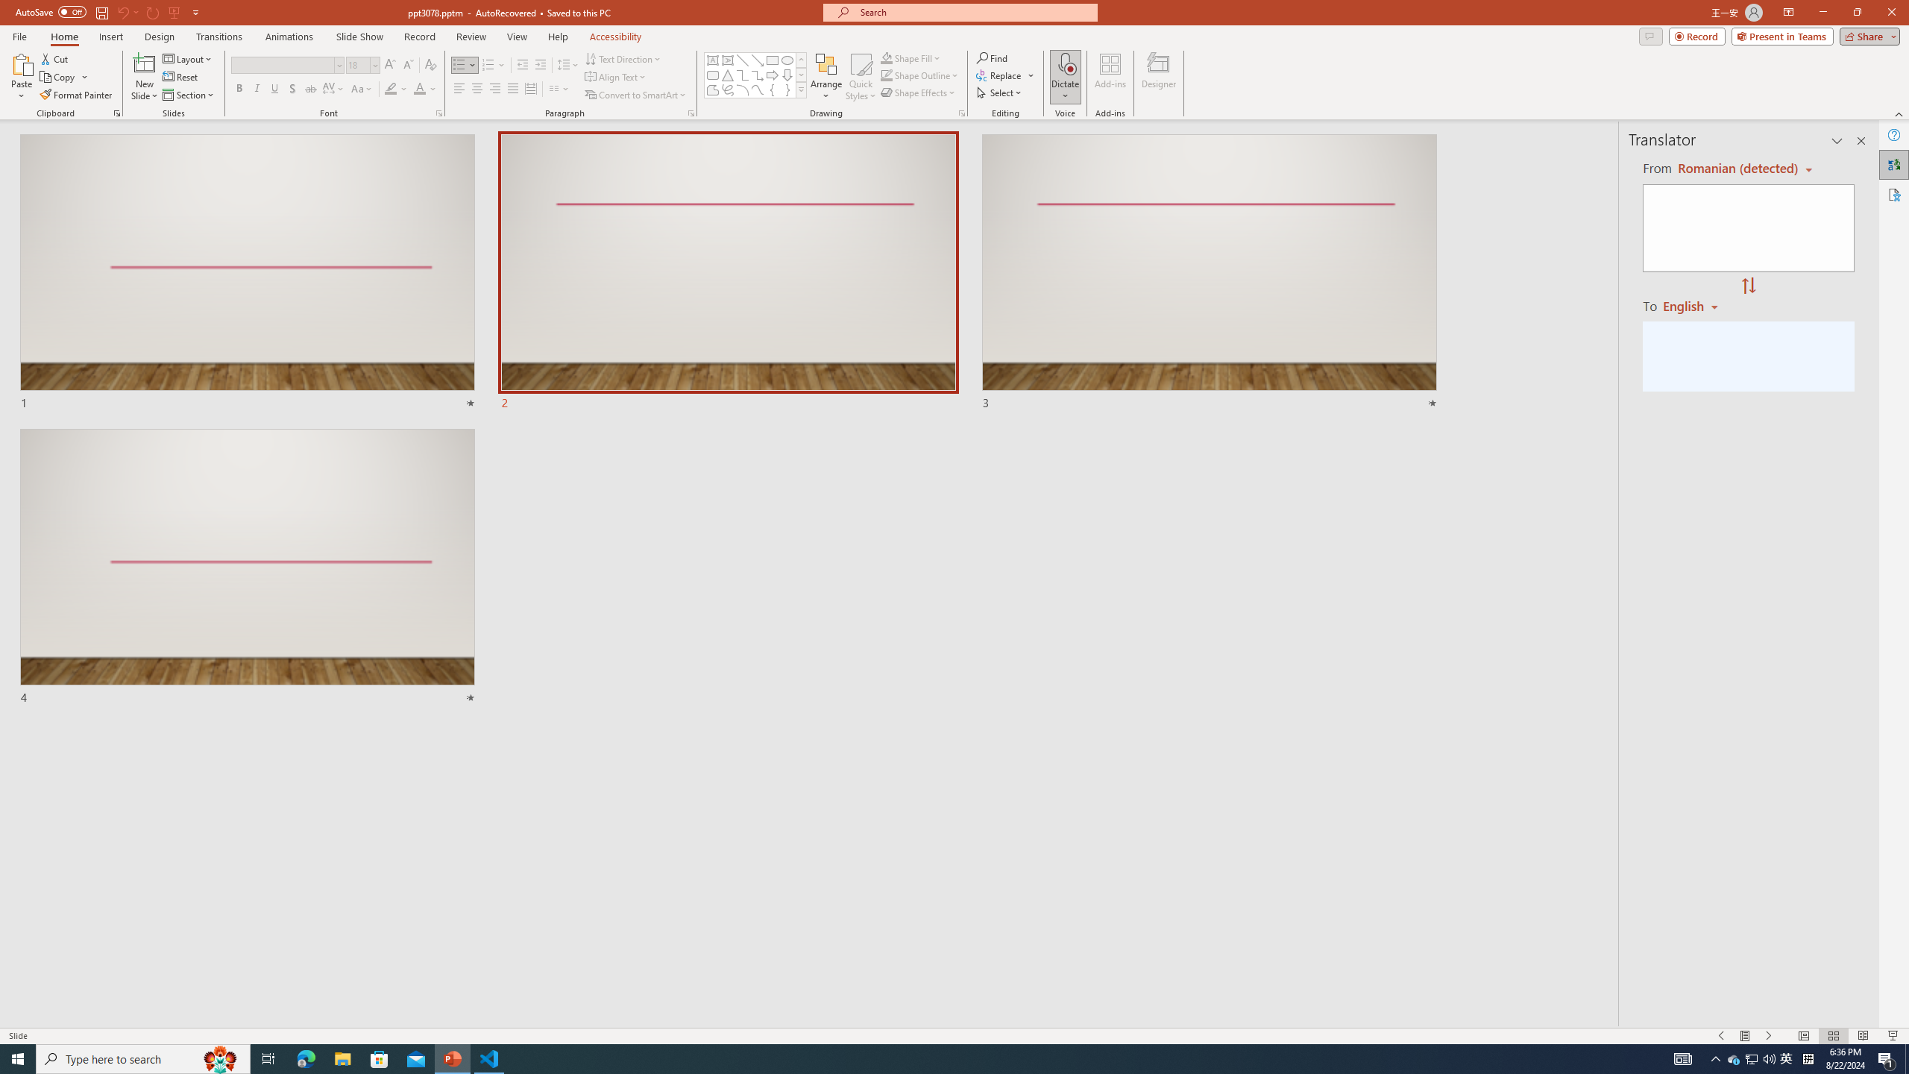 Image resolution: width=1909 pixels, height=1074 pixels. What do you see at coordinates (887, 57) in the screenshot?
I see `'Shape Fill Dark Green, Accent 2'` at bounding box center [887, 57].